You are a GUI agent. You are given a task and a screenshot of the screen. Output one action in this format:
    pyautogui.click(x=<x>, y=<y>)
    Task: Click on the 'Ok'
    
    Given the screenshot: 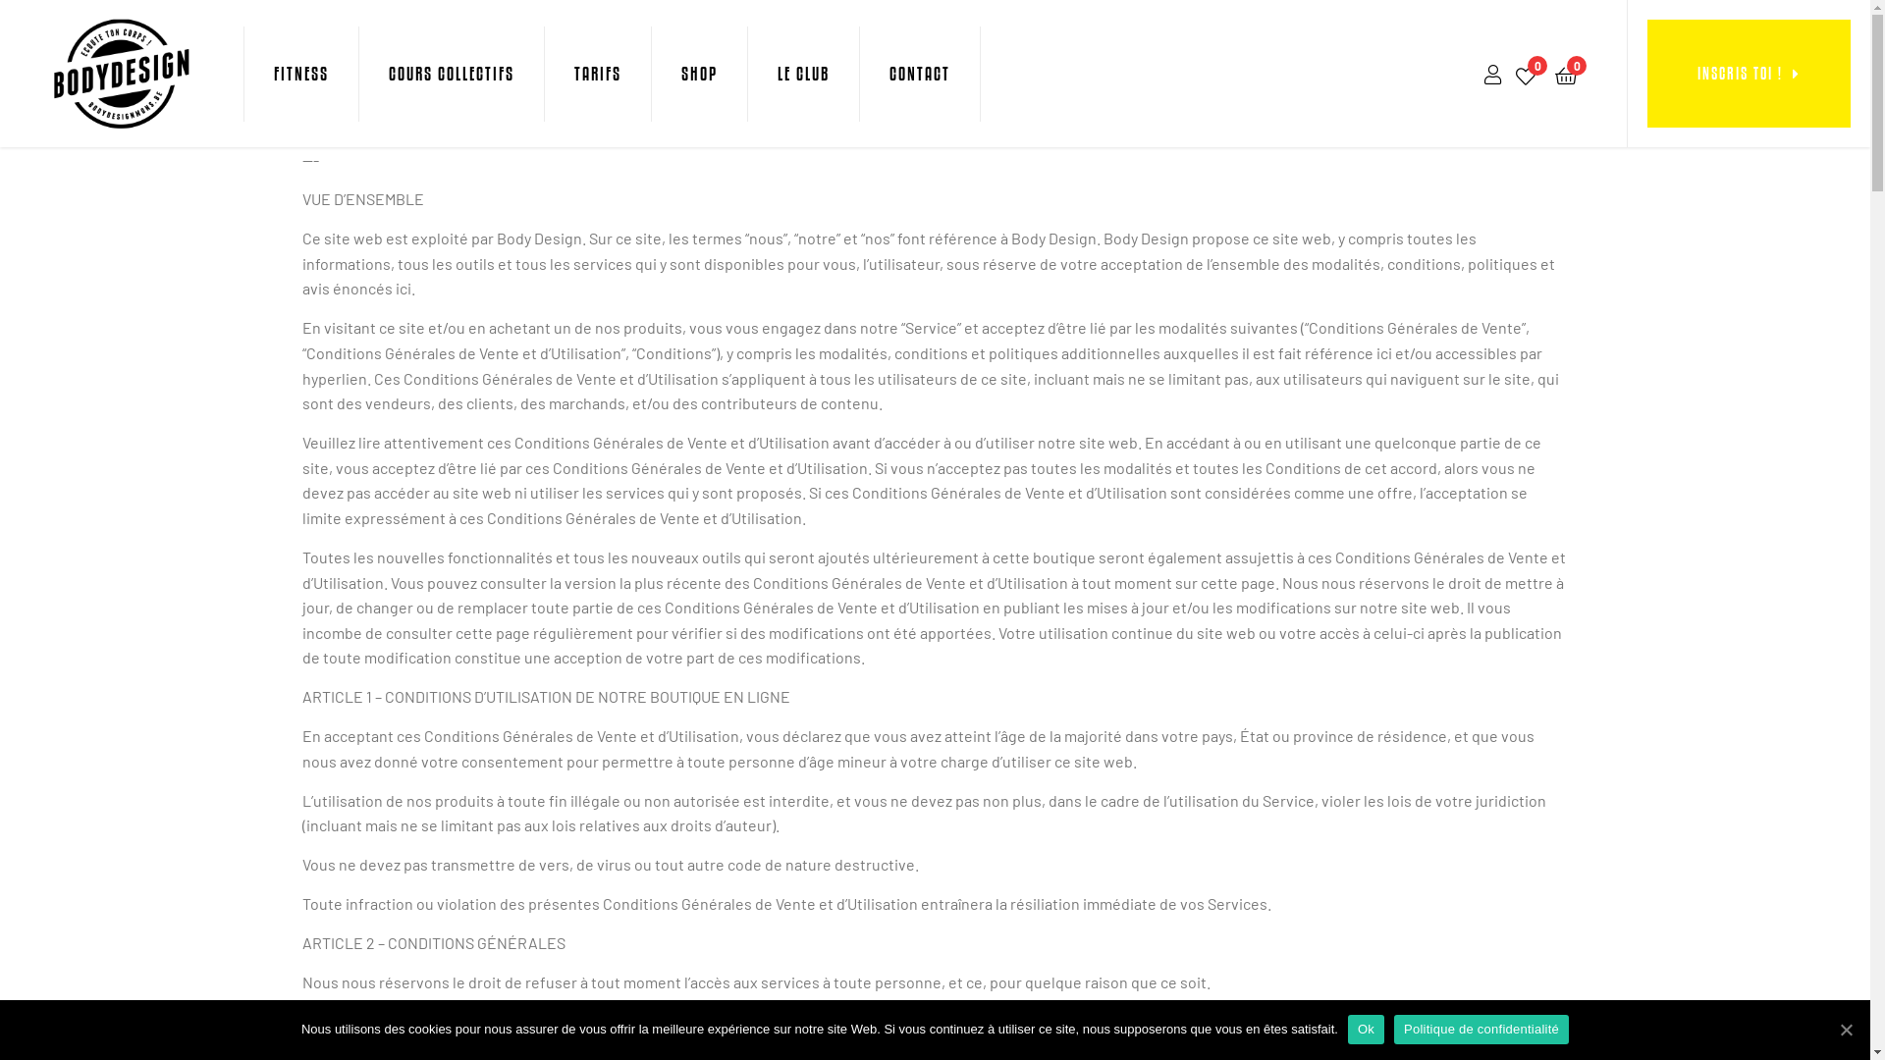 What is the action you would take?
    pyautogui.click(x=1346, y=1029)
    